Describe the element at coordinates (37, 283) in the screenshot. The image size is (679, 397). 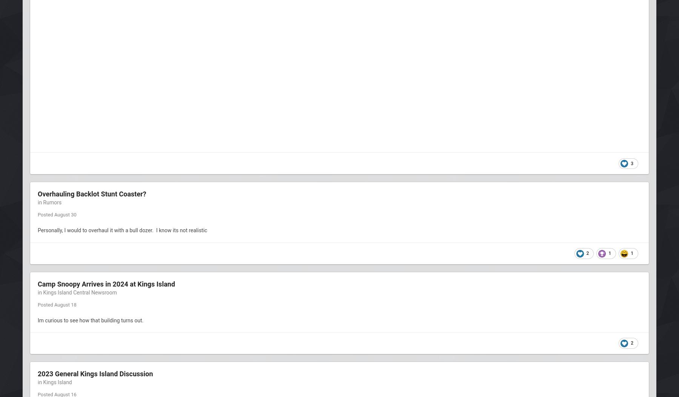
I see `'Camp Snoopy Arrives in 2024 at Kings Island'` at that location.